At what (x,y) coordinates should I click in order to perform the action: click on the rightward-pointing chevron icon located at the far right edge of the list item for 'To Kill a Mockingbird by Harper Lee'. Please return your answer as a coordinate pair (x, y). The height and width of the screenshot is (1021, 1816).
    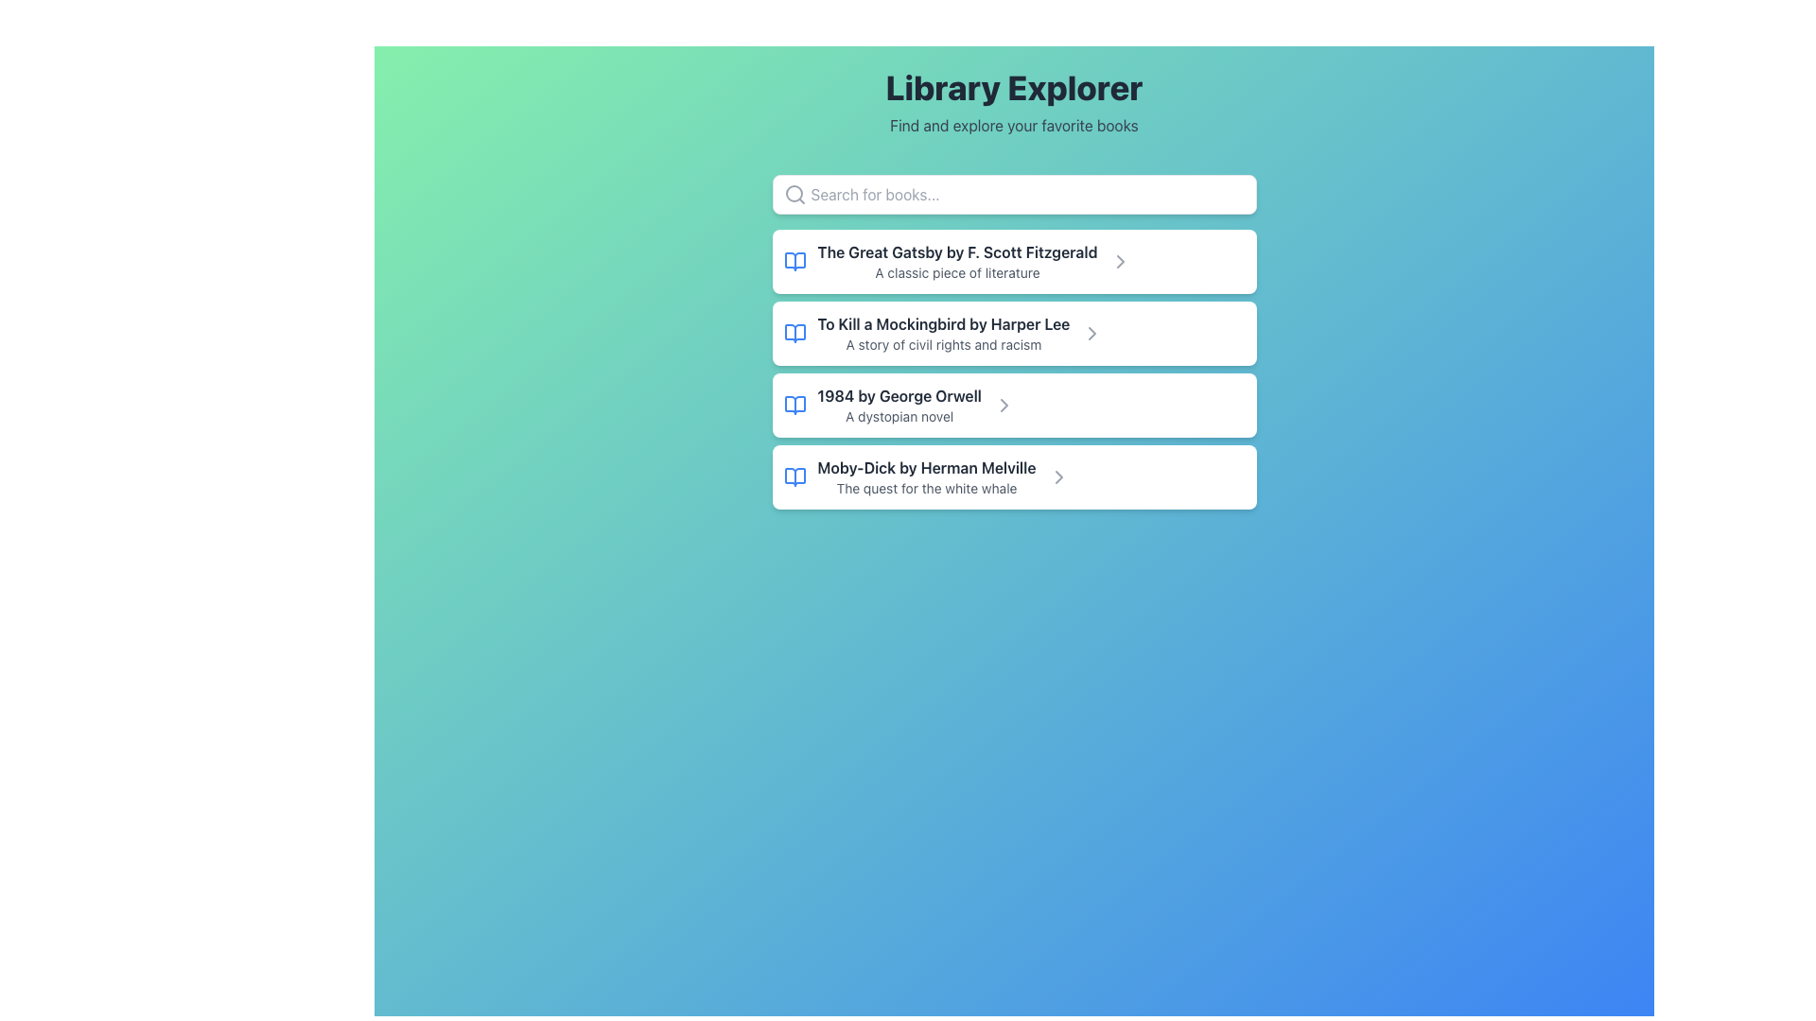
    Looking at the image, I should click on (1092, 333).